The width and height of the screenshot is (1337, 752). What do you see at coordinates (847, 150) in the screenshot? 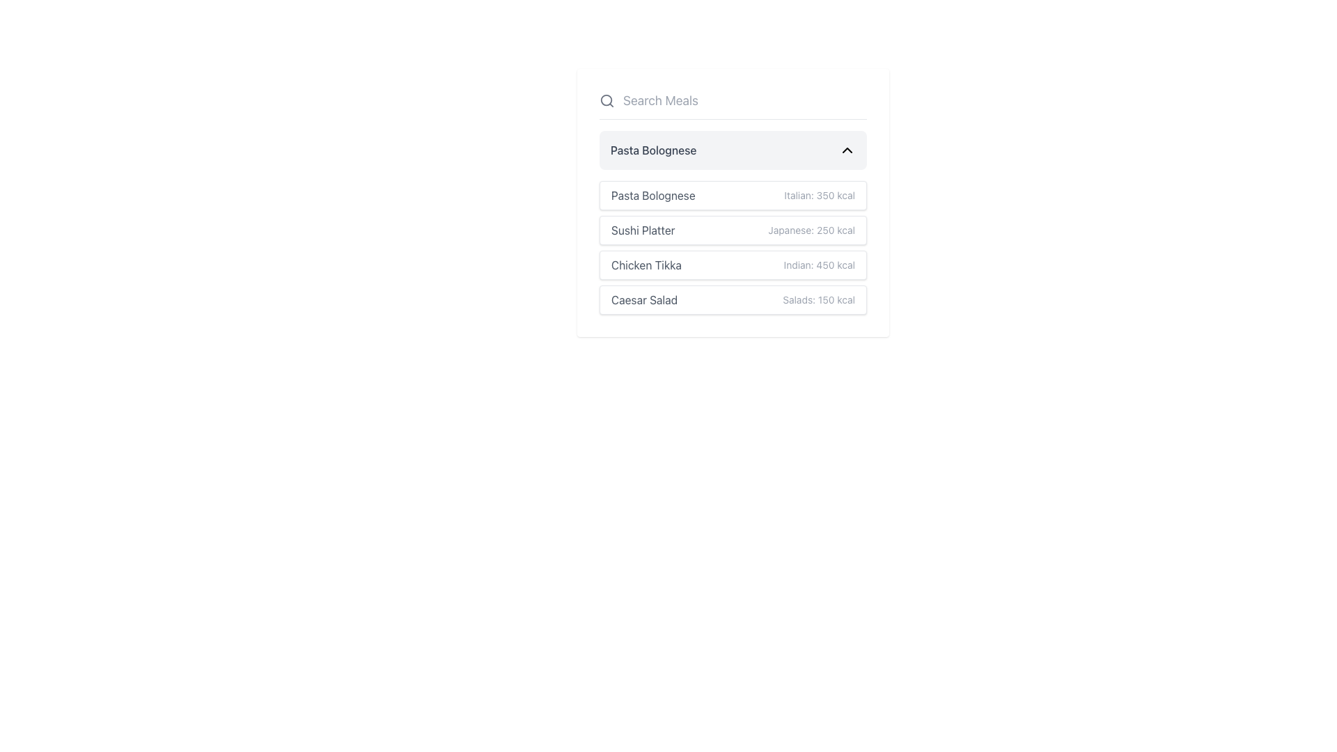
I see `the chevron icon located at the far right of the gray background bar containing the 'Pasta Bolognese' label` at bounding box center [847, 150].